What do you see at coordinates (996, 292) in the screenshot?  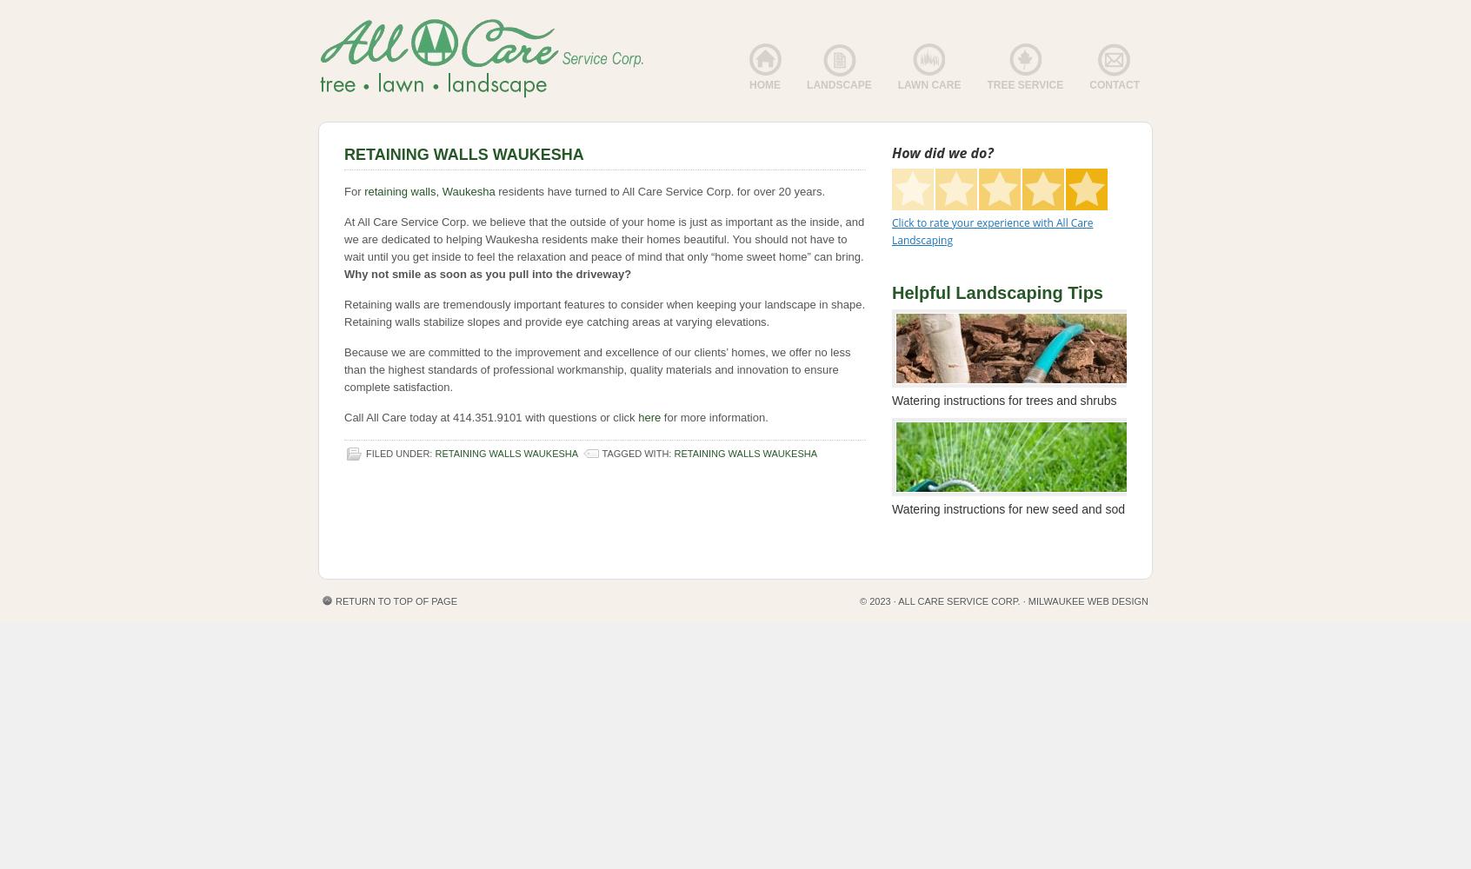 I see `'Helpful Landscaping Tips'` at bounding box center [996, 292].